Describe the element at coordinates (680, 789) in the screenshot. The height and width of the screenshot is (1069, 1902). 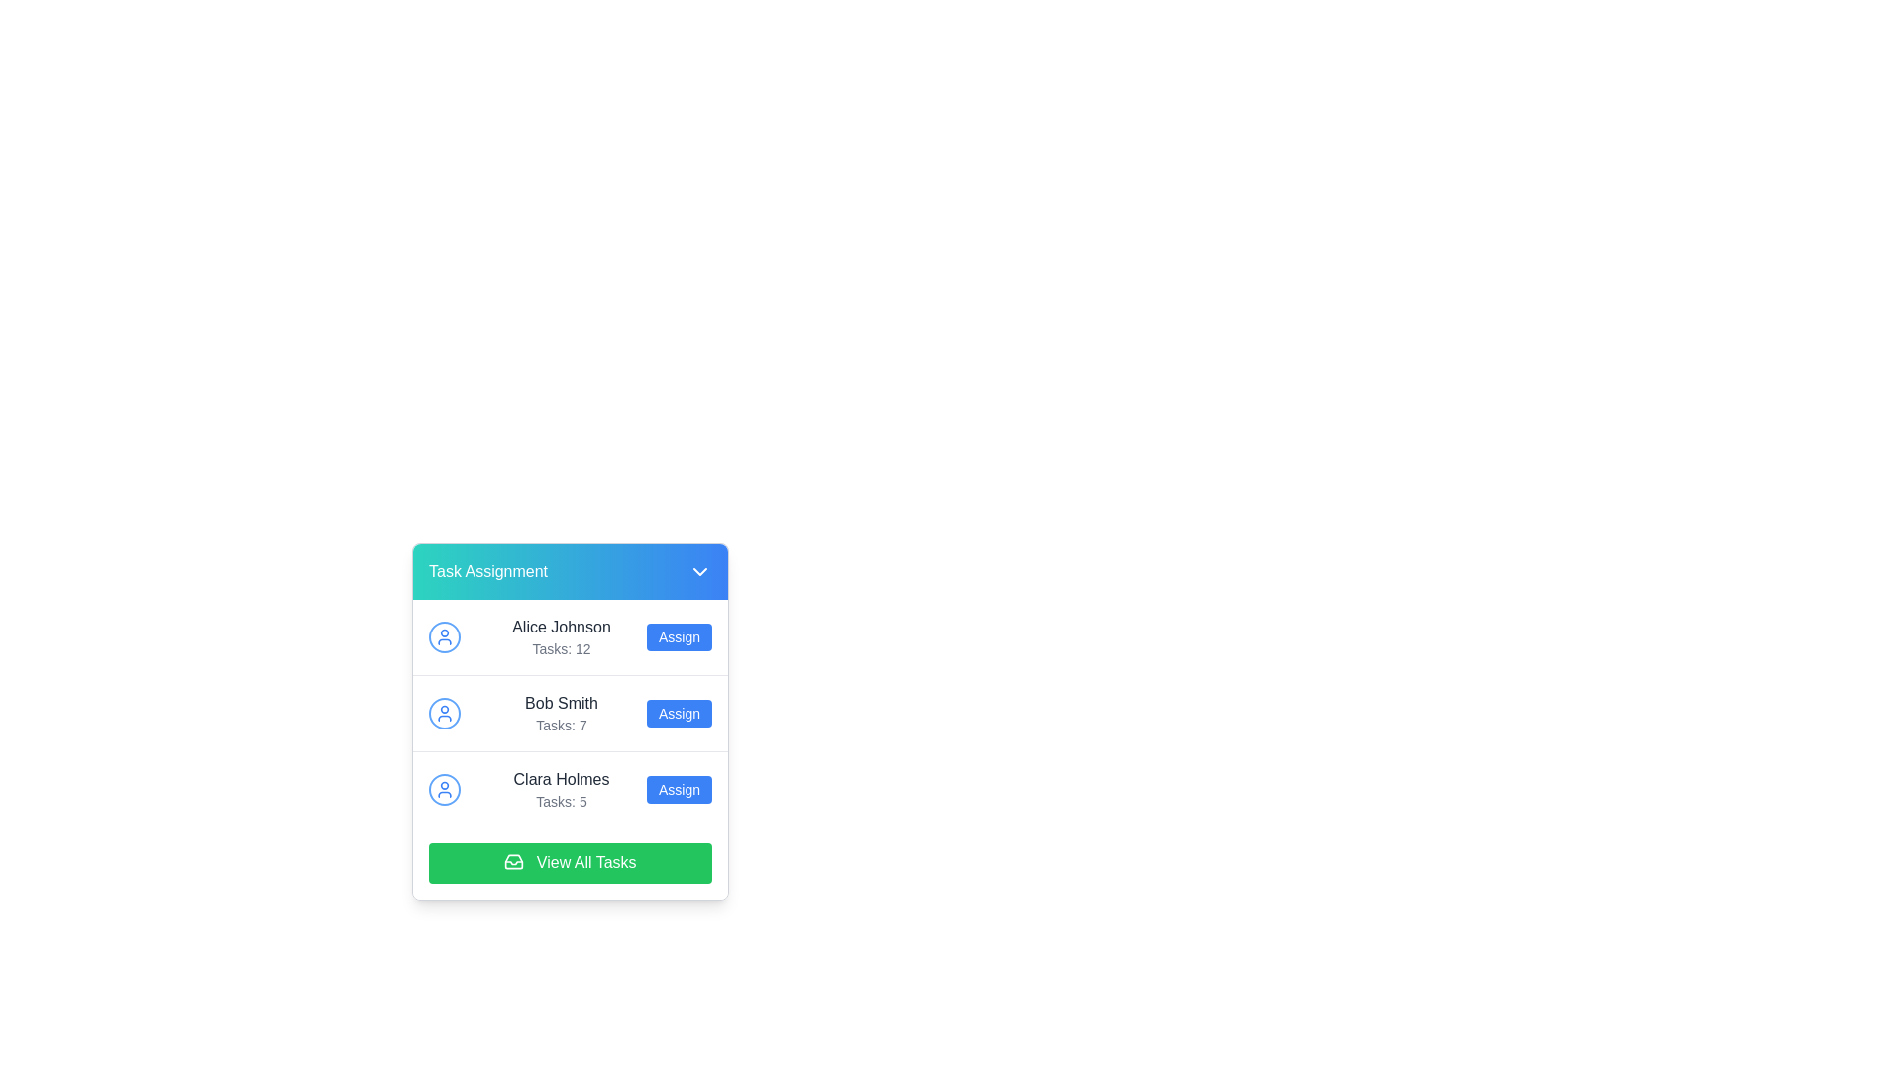
I see `the 'Assign' button located on the rightmost side of the 'Clara Holmes' entry in the list` at that location.